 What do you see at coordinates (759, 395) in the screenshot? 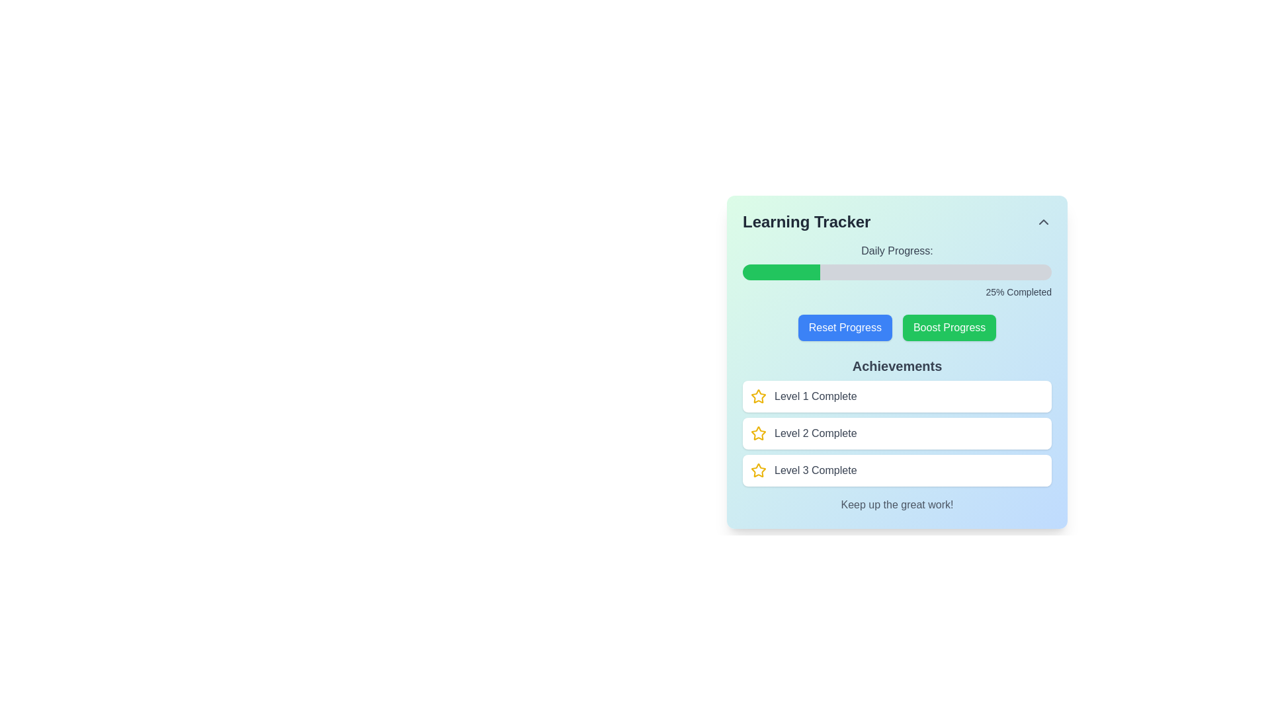
I see `the star icon indicating 'Level 2 Complete' within the Achievements section` at bounding box center [759, 395].